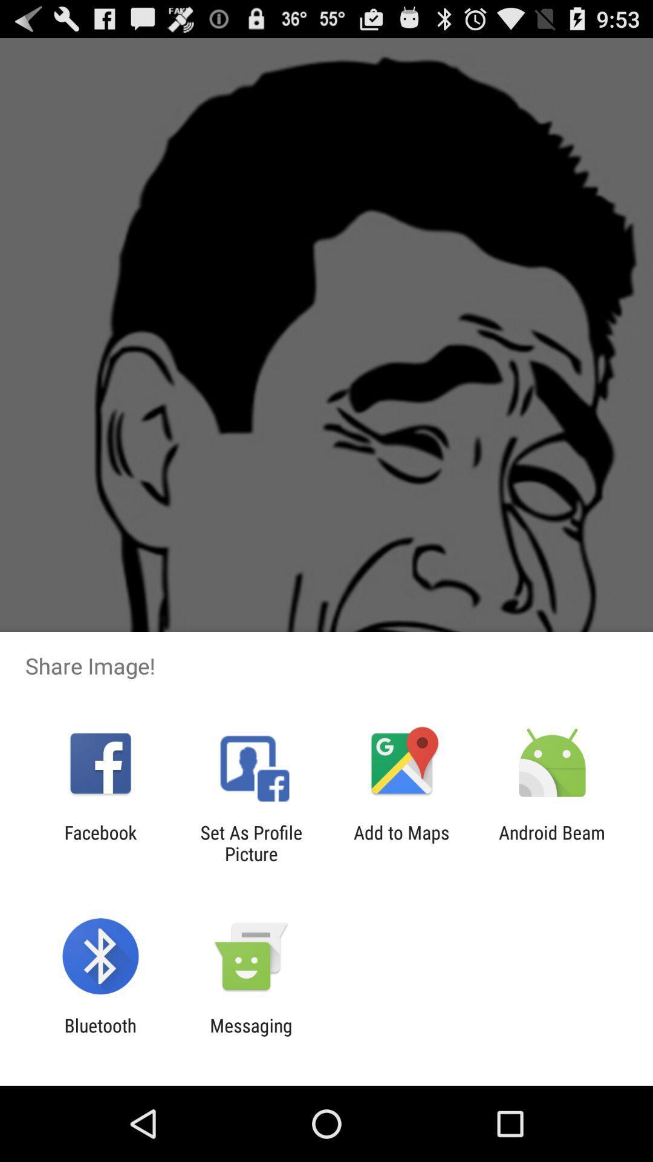 The width and height of the screenshot is (653, 1162). What do you see at coordinates (552, 842) in the screenshot?
I see `the app next to the add to maps icon` at bounding box center [552, 842].